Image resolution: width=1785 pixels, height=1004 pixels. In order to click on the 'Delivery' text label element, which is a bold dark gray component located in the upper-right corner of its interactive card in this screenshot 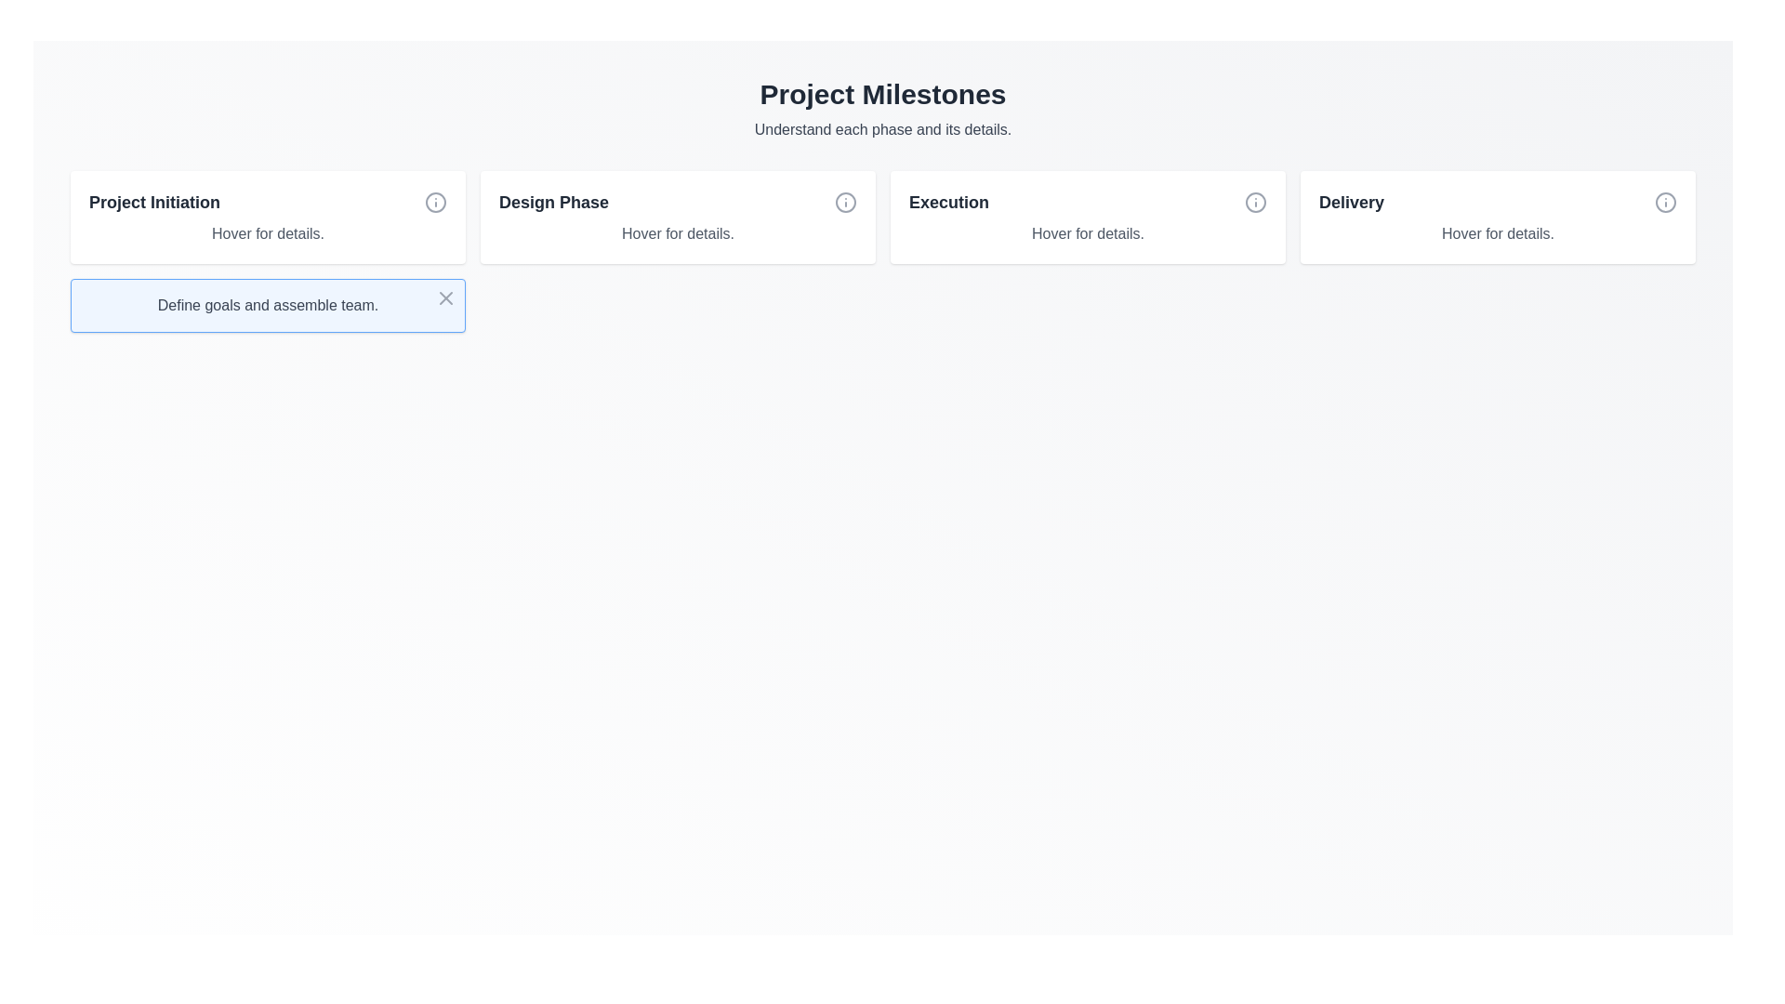, I will do `click(1352, 203)`.